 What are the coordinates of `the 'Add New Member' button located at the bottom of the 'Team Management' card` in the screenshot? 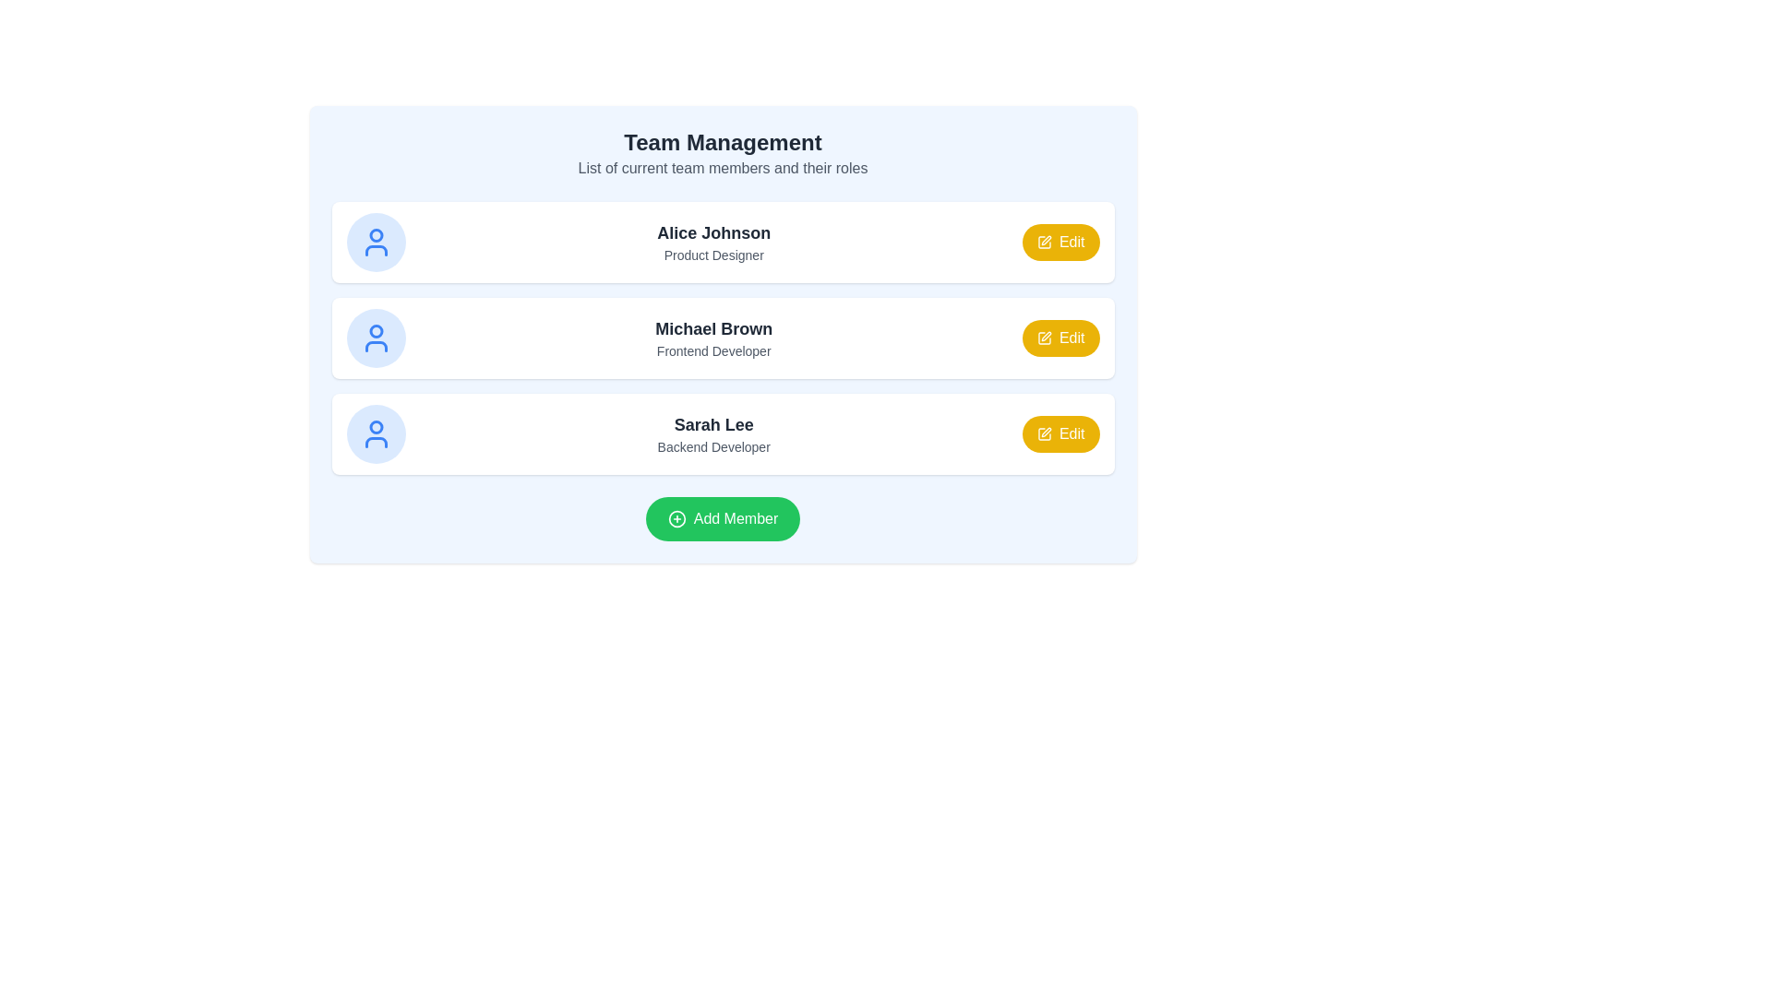 It's located at (722, 519).